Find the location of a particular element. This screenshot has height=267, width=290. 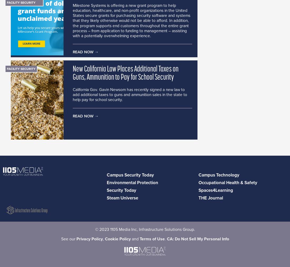

',' is located at coordinates (104, 239).